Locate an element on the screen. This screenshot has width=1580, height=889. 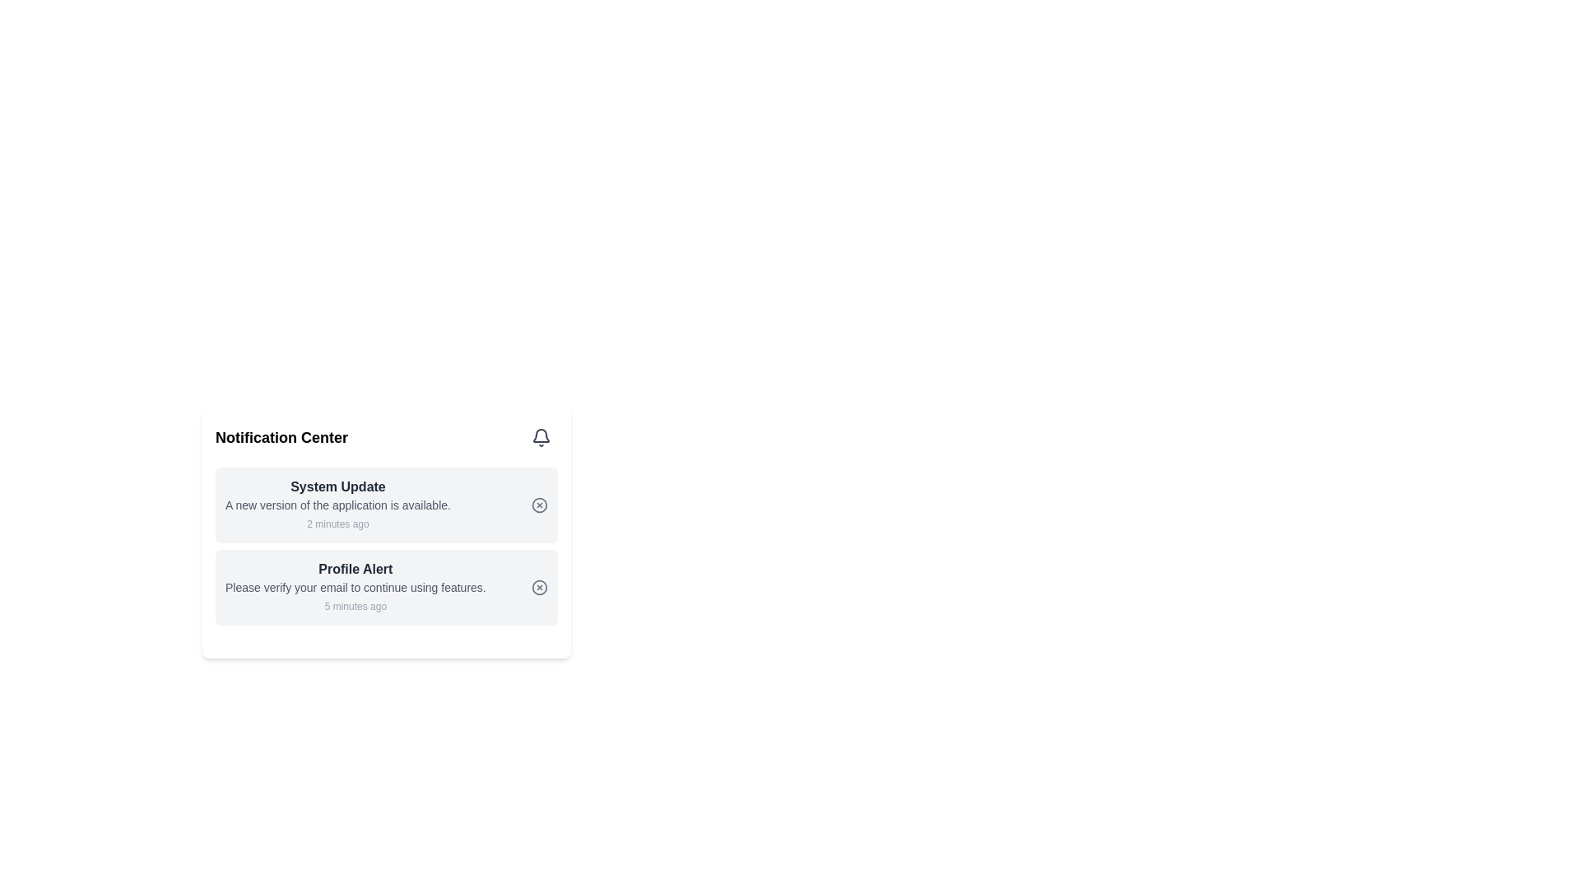
the prominent text heading labeled 'Notification Center' which is bold and large, located to the left of an interactive bell icon is located at coordinates (281, 437).